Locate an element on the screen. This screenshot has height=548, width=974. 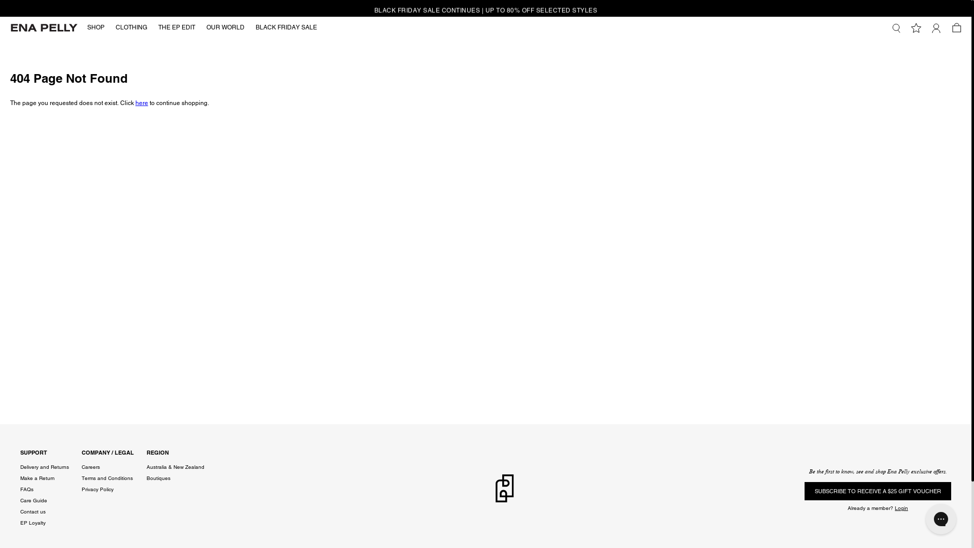
'Make a Return' is located at coordinates (37, 478).